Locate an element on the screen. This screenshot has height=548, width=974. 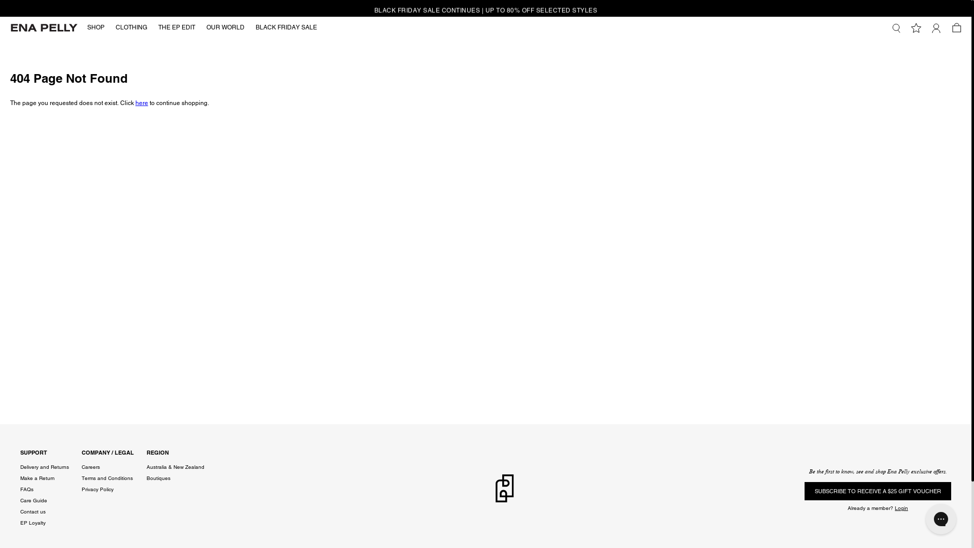
'Make a Return' is located at coordinates (37, 478).